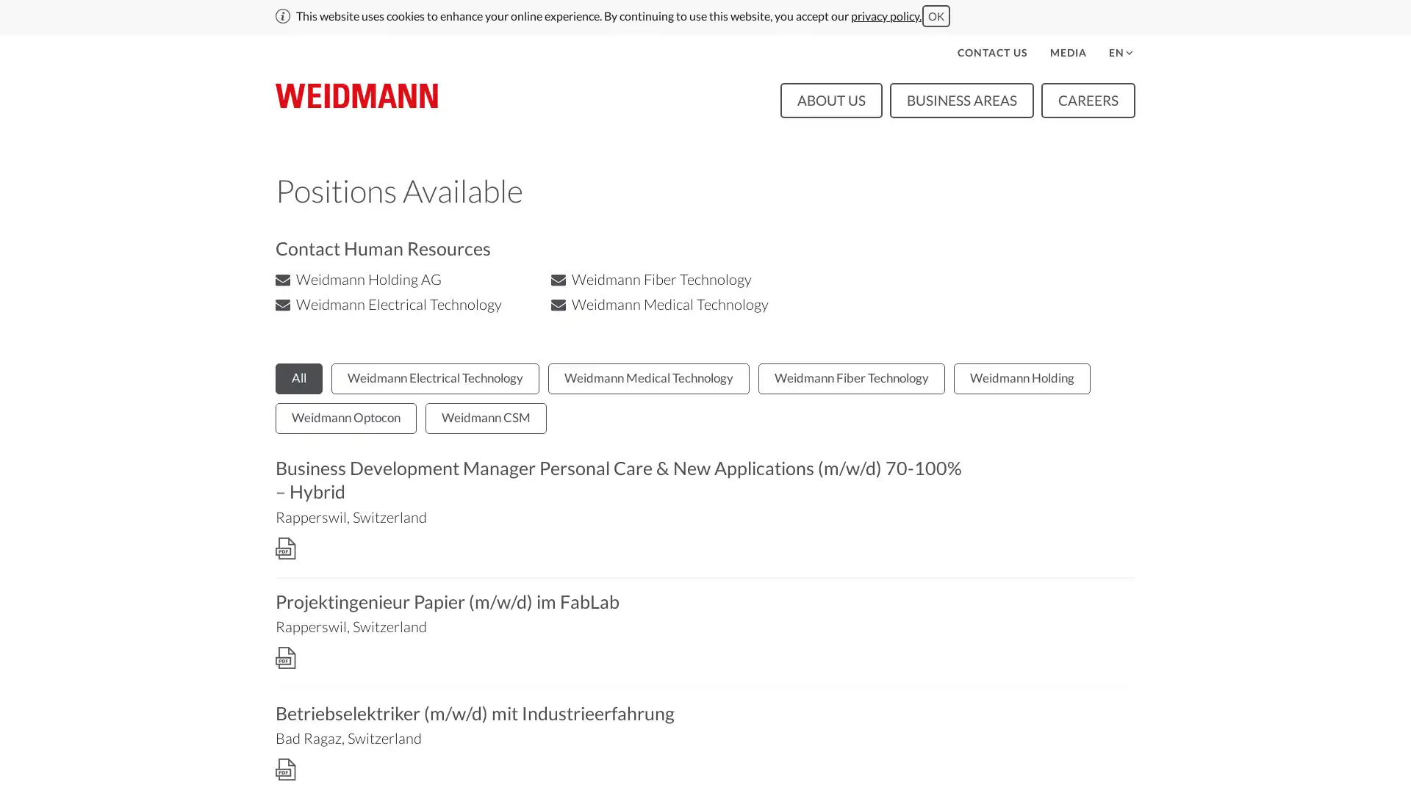 The width and height of the screenshot is (1411, 793). I want to click on Weidmann Electrical Technology, so click(434, 344).